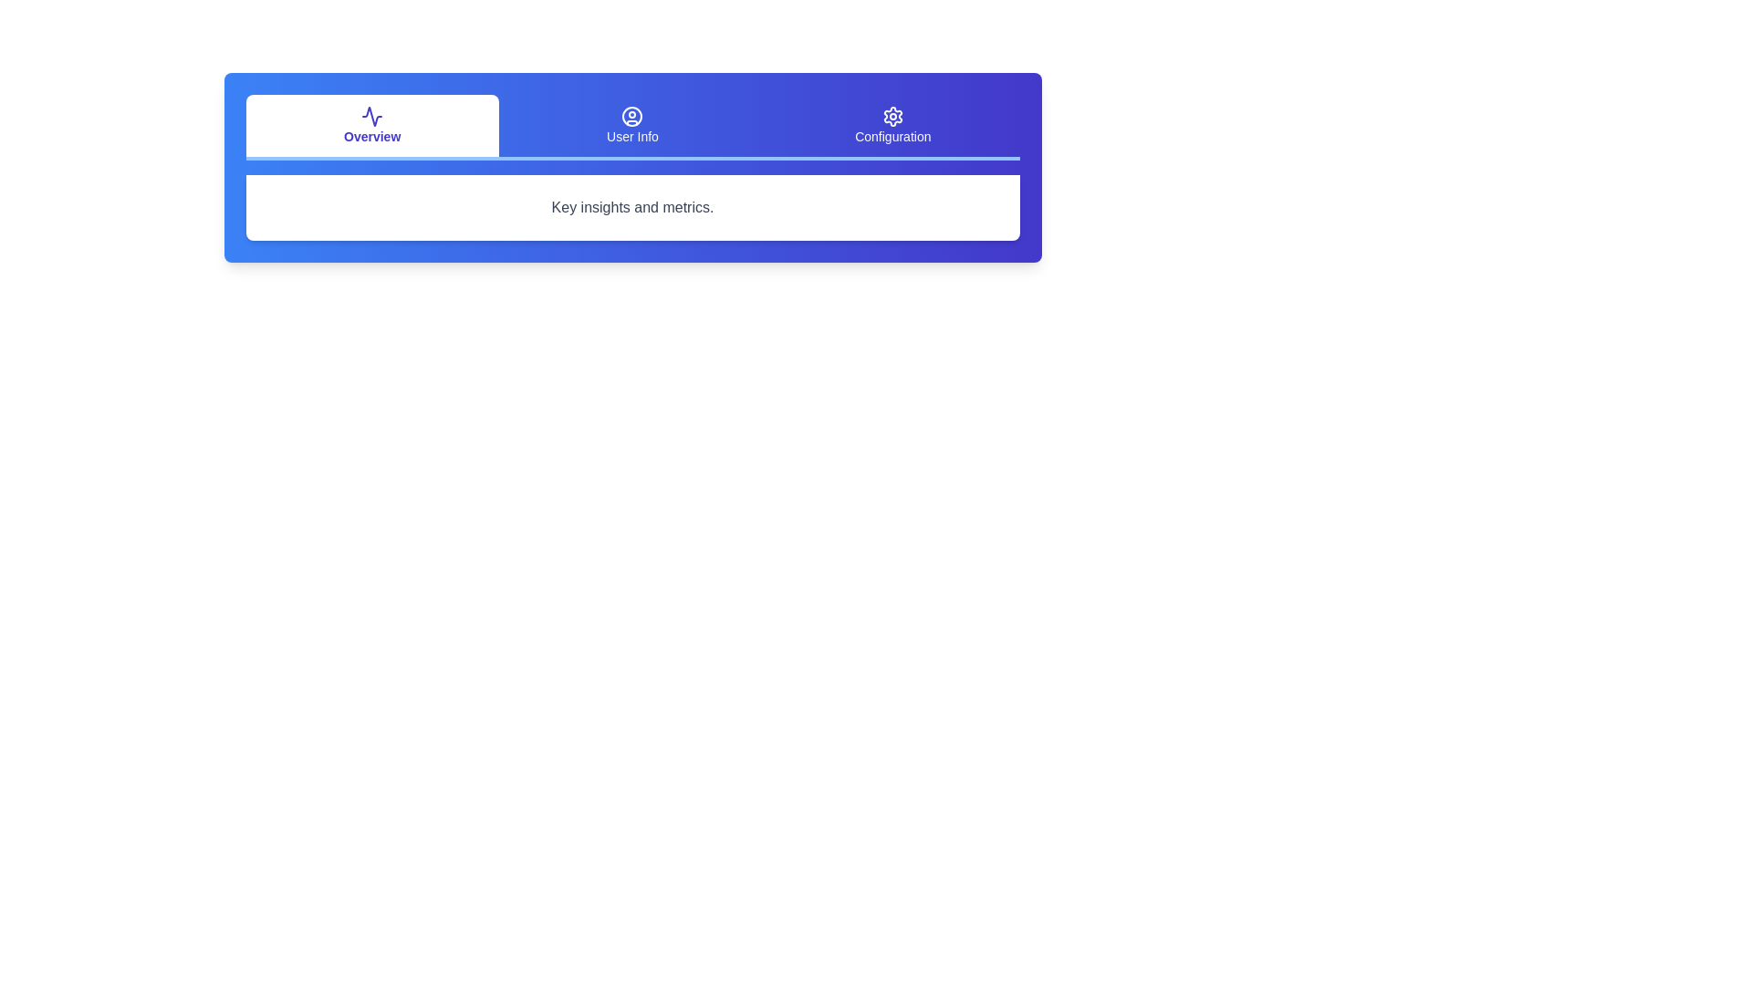 The height and width of the screenshot is (985, 1752). What do you see at coordinates (631, 125) in the screenshot?
I see `the User Info tab to select it` at bounding box center [631, 125].